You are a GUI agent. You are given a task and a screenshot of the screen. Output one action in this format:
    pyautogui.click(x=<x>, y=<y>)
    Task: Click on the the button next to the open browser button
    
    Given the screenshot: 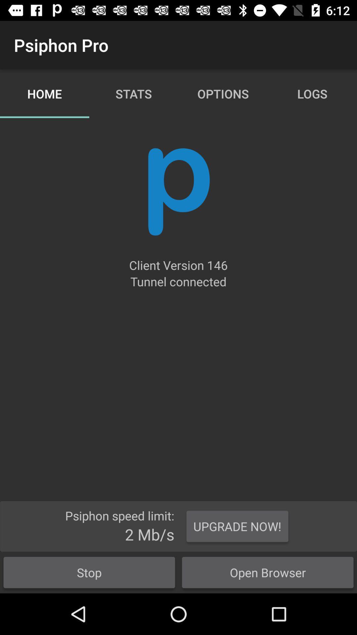 What is the action you would take?
    pyautogui.click(x=89, y=572)
    